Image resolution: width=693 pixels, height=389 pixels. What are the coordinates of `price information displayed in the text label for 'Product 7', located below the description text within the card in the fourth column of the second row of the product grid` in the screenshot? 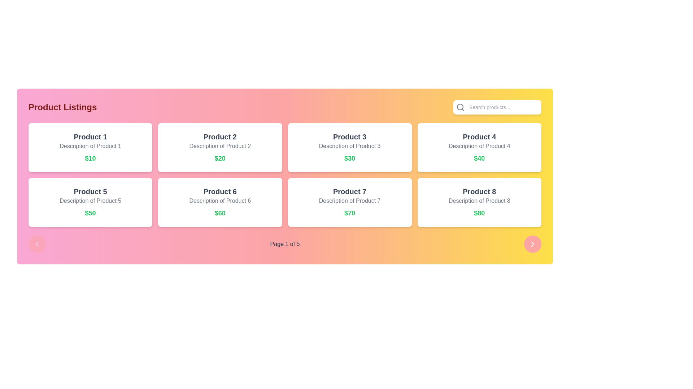 It's located at (350, 213).